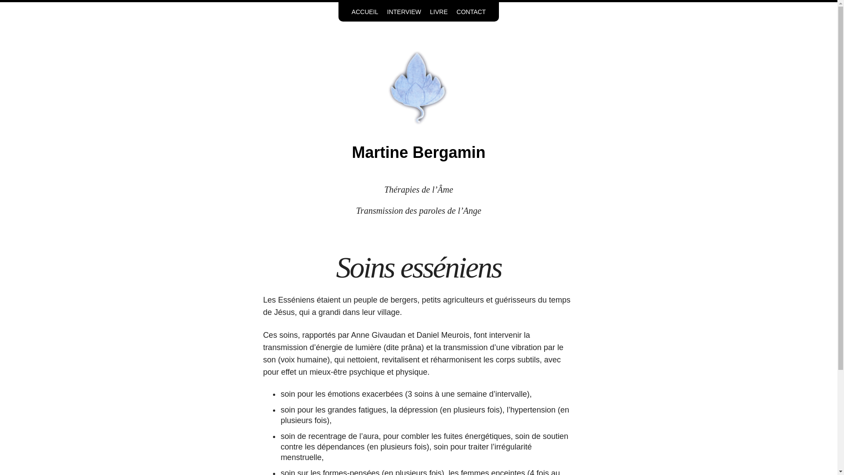 The width and height of the screenshot is (844, 475). I want to click on 'LIVRE', so click(439, 12).